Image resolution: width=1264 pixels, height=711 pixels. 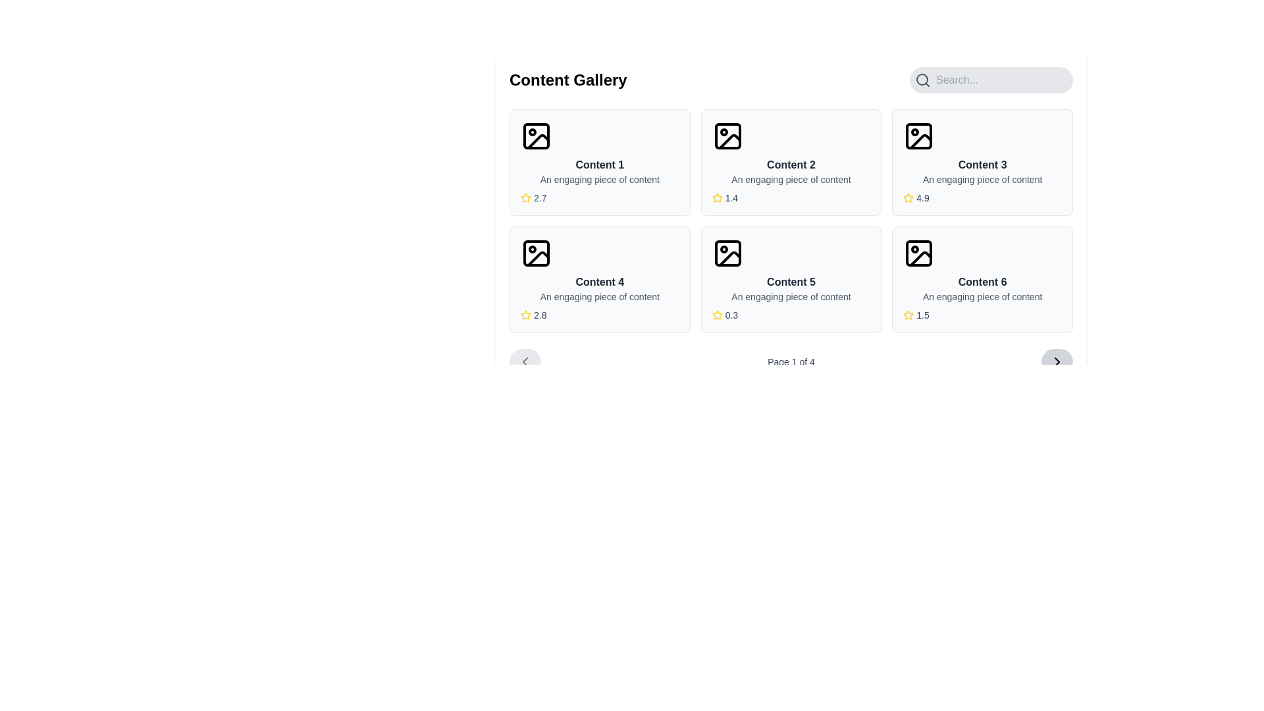 I want to click on the Text label element displaying 'Content 1', which is styled in bold gray font and positioned at the top center of its content card, above the text 'An engaging piece of content', so click(x=599, y=164).